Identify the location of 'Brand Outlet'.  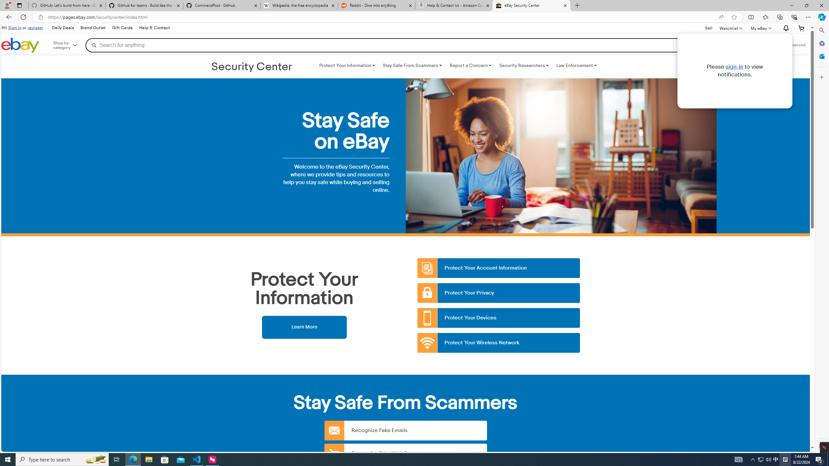
(93, 28).